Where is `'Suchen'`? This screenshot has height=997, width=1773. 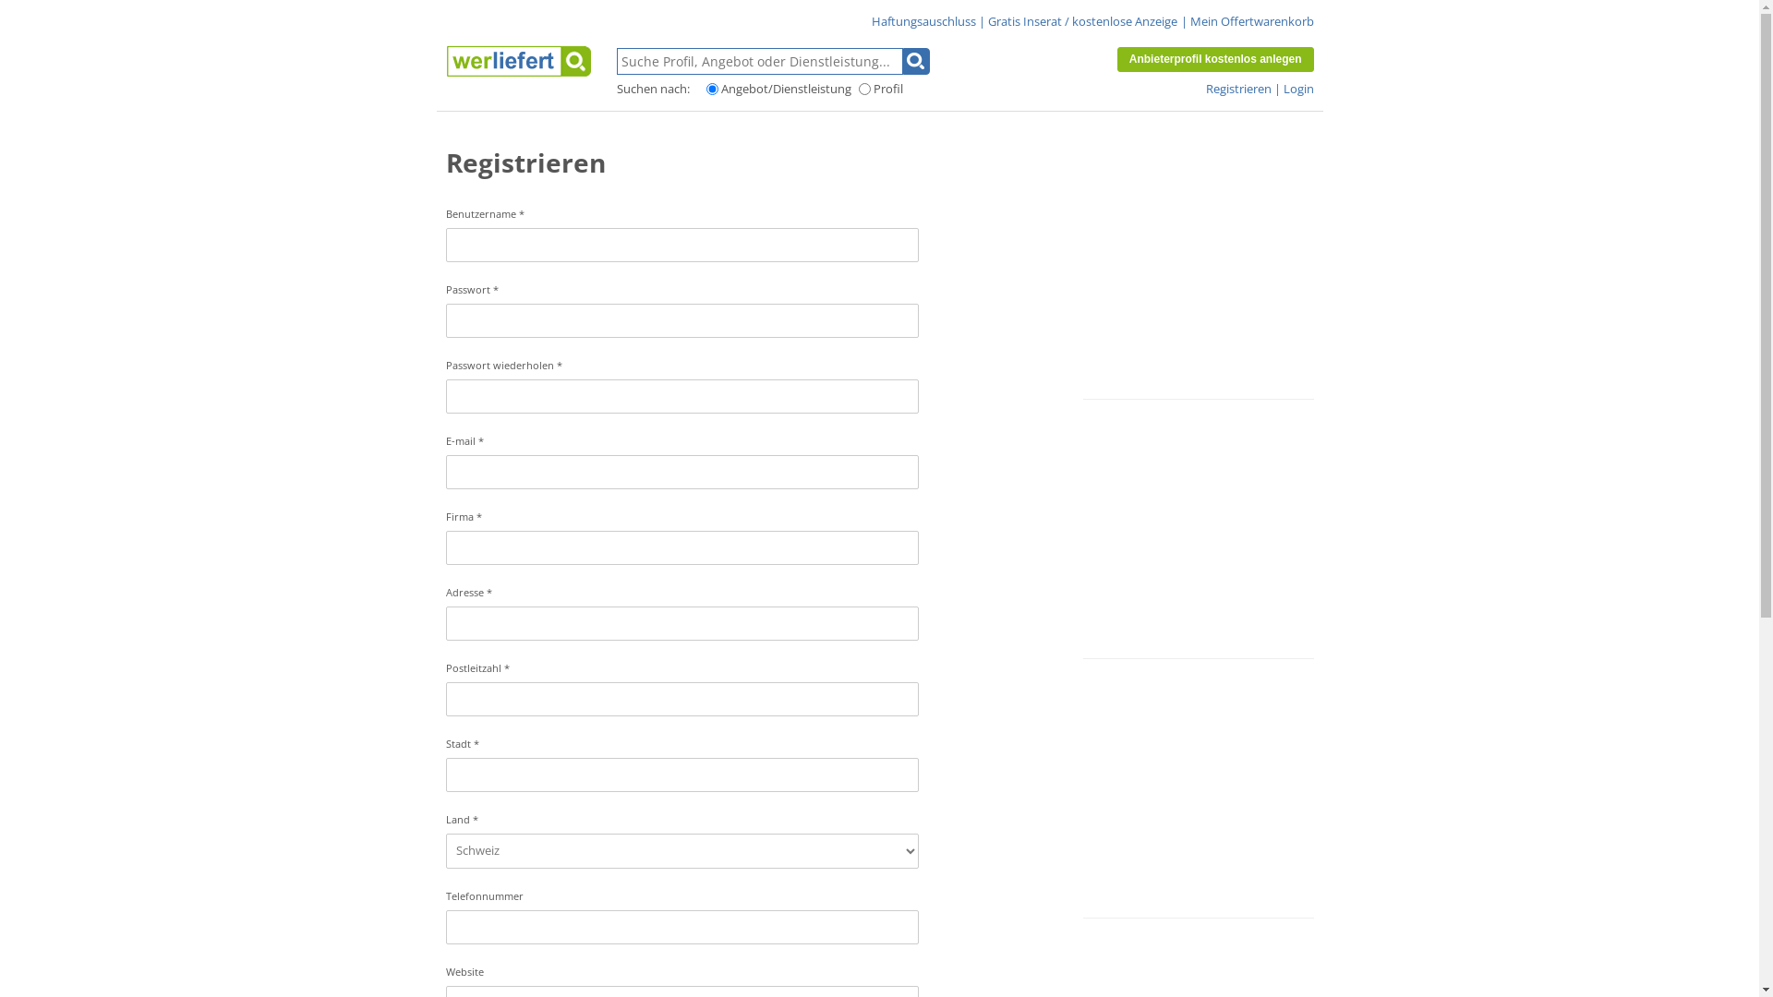
'Suchen' is located at coordinates (916, 60).